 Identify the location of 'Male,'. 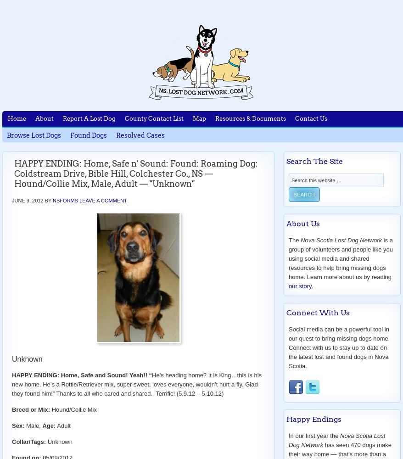
(33, 425).